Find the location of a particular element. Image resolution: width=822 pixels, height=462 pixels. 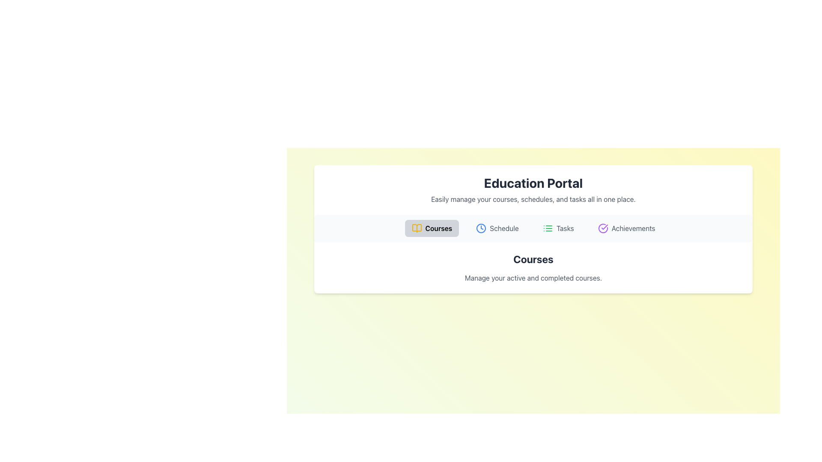

the subtitle text that reads 'Easily manage your courses, schedules, and tasks all in one place.' which is styled in gray on a white background, positioned below the title 'Education Portal' is located at coordinates (533, 199).